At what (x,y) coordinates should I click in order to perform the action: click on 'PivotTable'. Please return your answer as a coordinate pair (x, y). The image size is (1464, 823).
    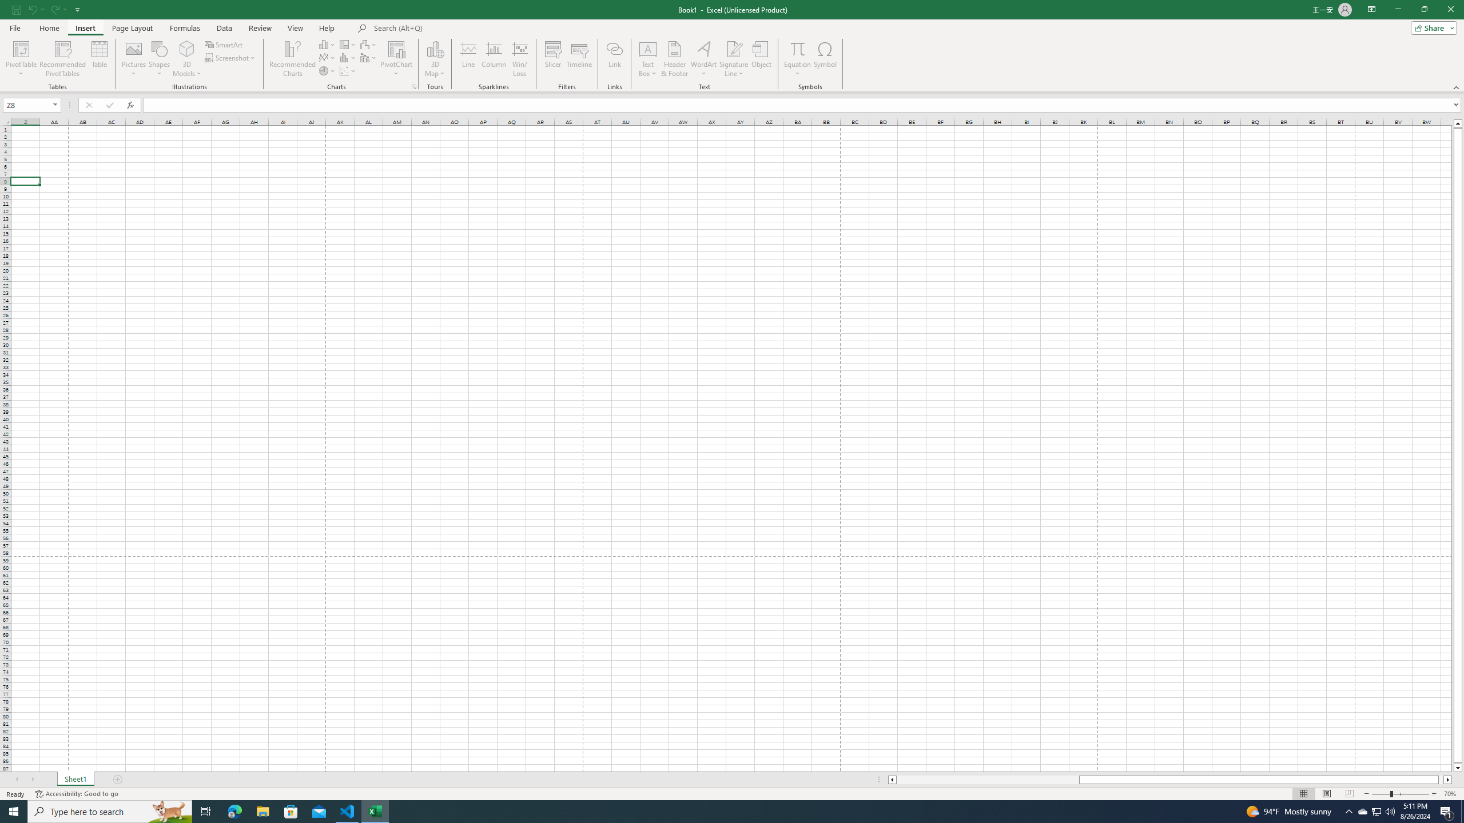
    Looking at the image, I should click on (21, 59).